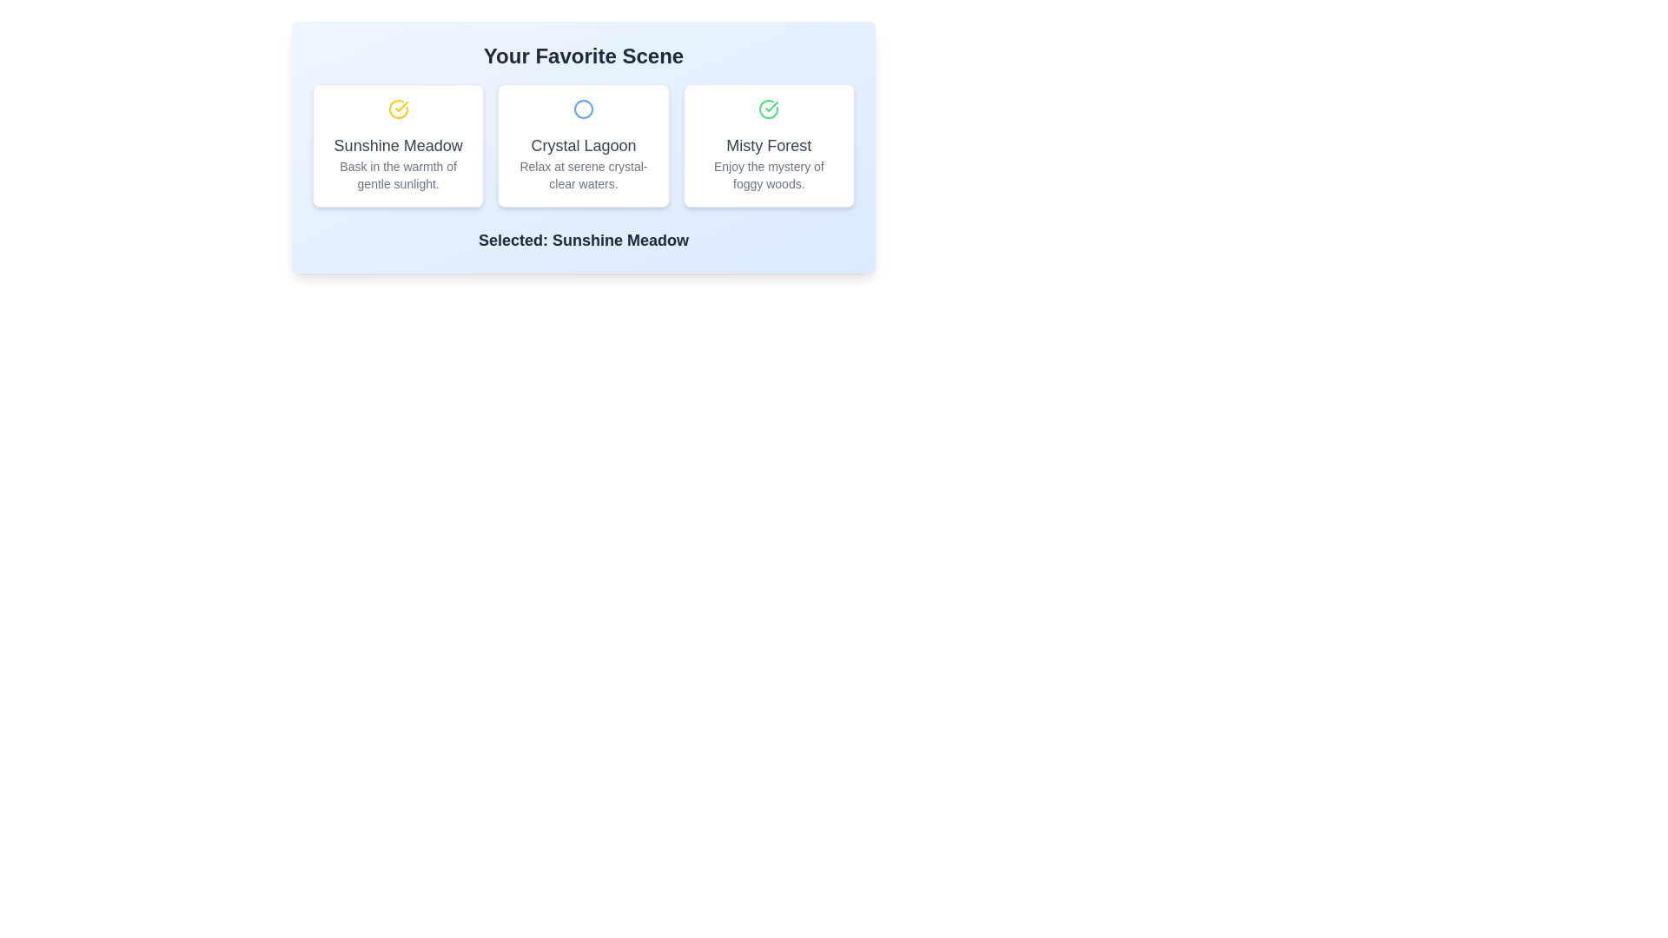 Image resolution: width=1668 pixels, height=938 pixels. What do you see at coordinates (768, 109) in the screenshot?
I see `the green circle with a checkmark in the SVG icon of the 'Misty Forest' card located on the right side among the three cards` at bounding box center [768, 109].